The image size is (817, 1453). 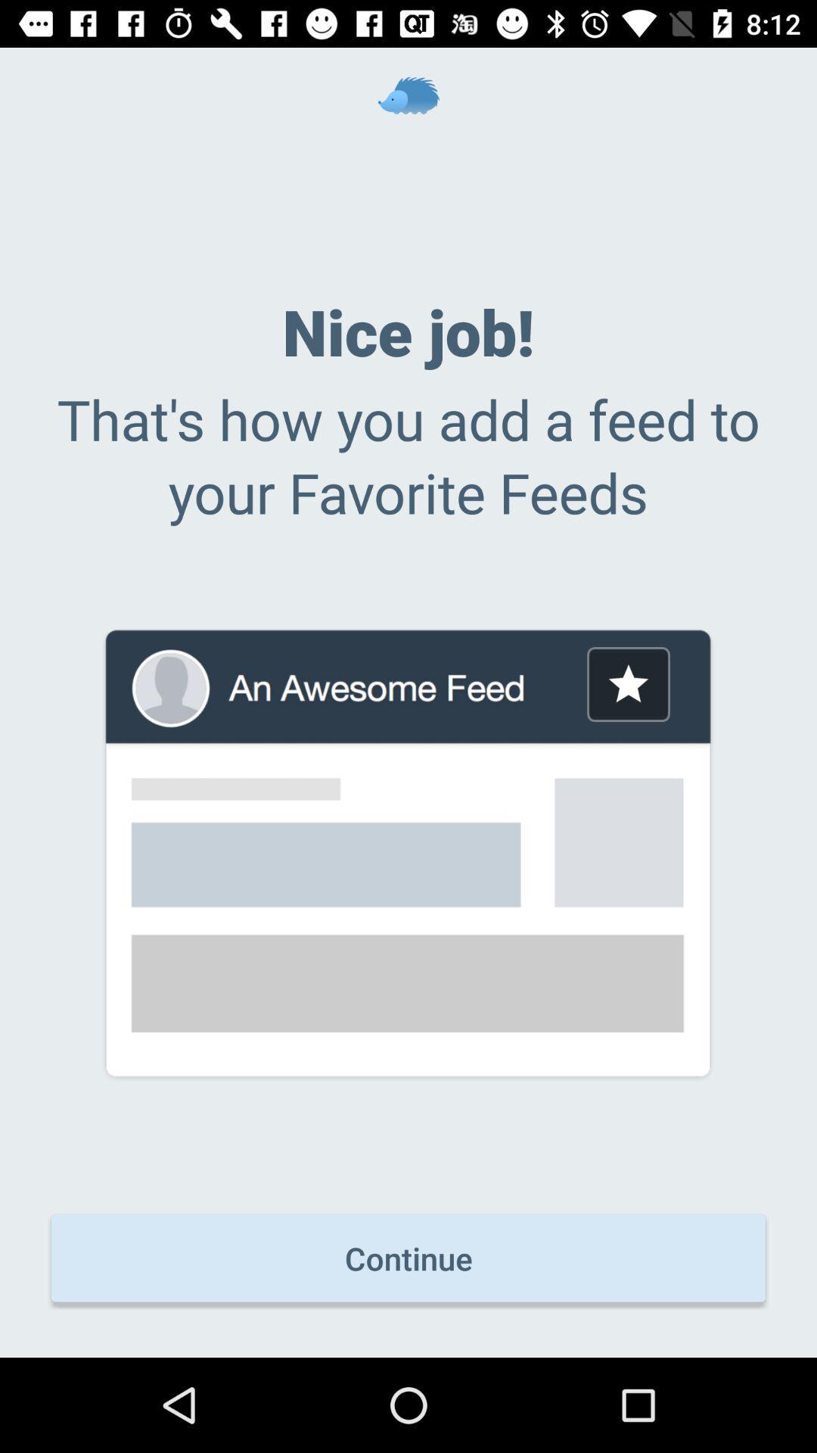 I want to click on the star icon, so click(x=628, y=683).